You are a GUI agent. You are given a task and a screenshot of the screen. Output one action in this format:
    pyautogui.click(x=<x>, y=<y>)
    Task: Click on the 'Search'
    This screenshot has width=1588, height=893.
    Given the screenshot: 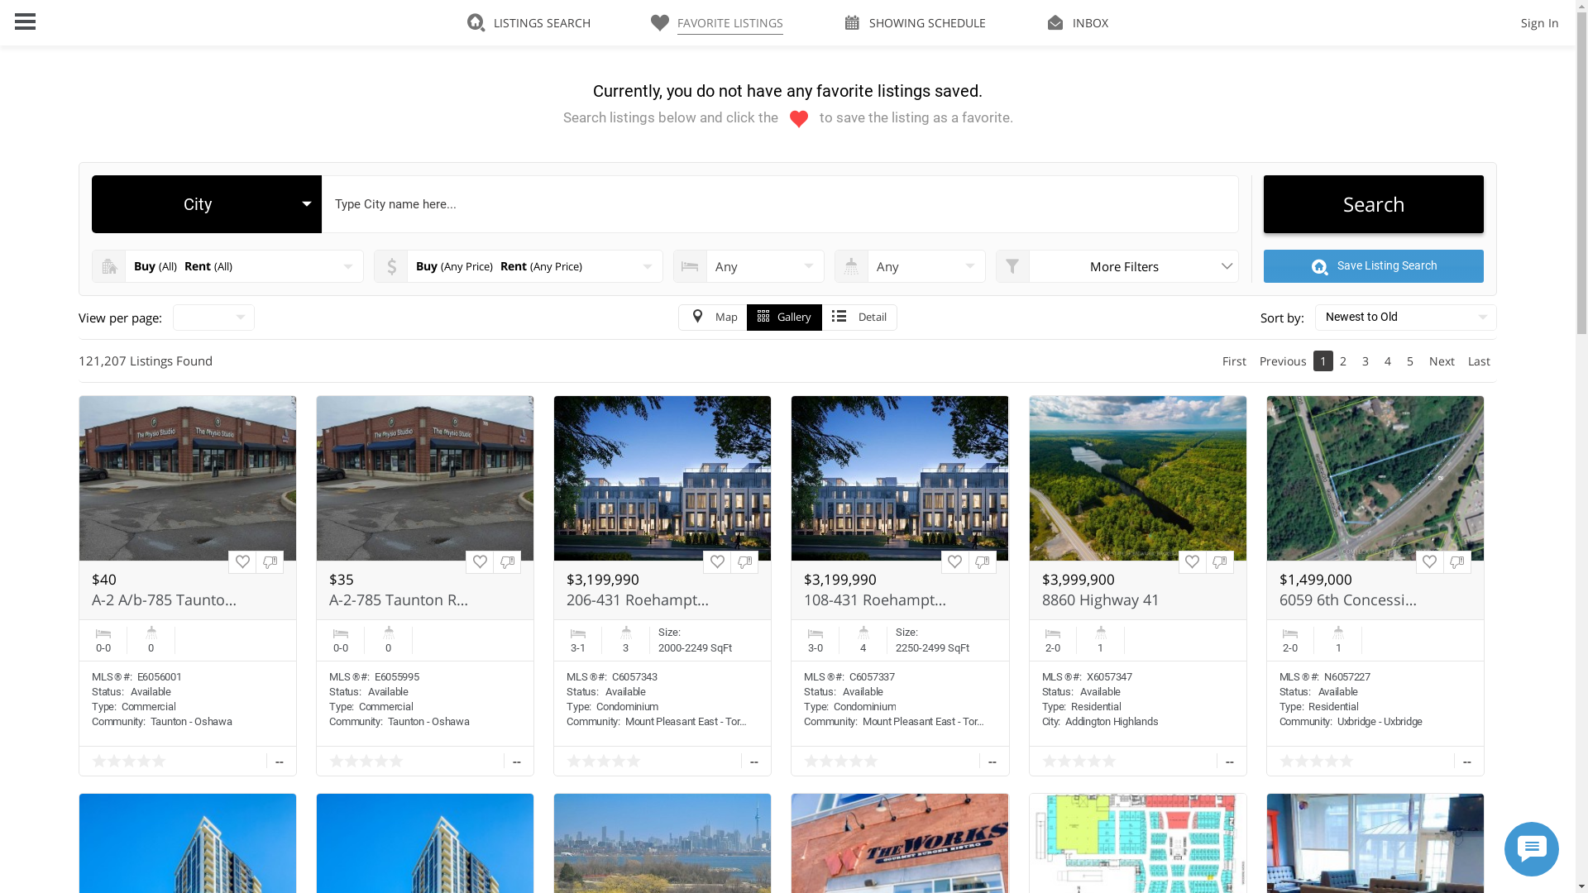 What is the action you would take?
    pyautogui.click(x=1373, y=203)
    